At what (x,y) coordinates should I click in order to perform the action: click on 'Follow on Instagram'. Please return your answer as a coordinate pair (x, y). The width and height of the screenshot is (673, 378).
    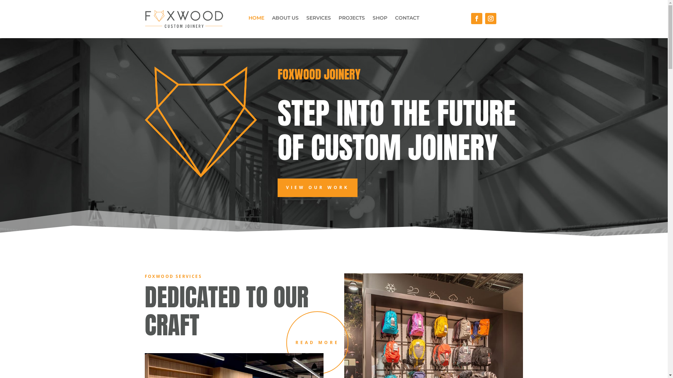
    Looking at the image, I should click on (490, 18).